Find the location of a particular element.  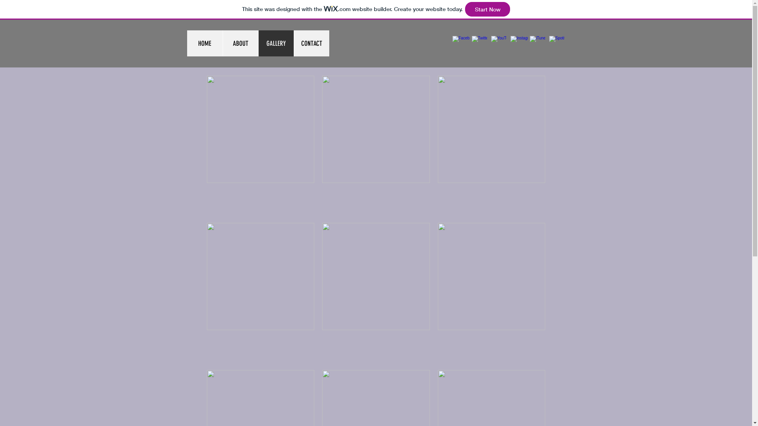

'HOME' is located at coordinates (187, 43).